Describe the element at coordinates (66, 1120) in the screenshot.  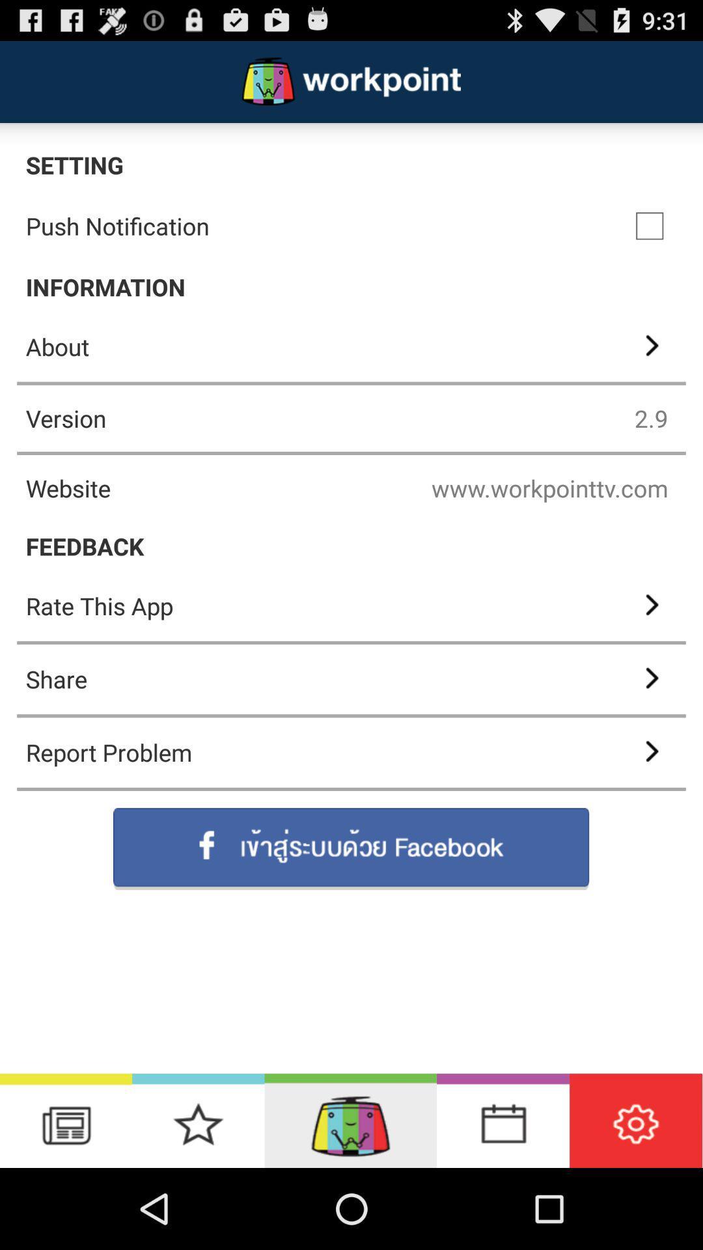
I see `to watch the news` at that location.